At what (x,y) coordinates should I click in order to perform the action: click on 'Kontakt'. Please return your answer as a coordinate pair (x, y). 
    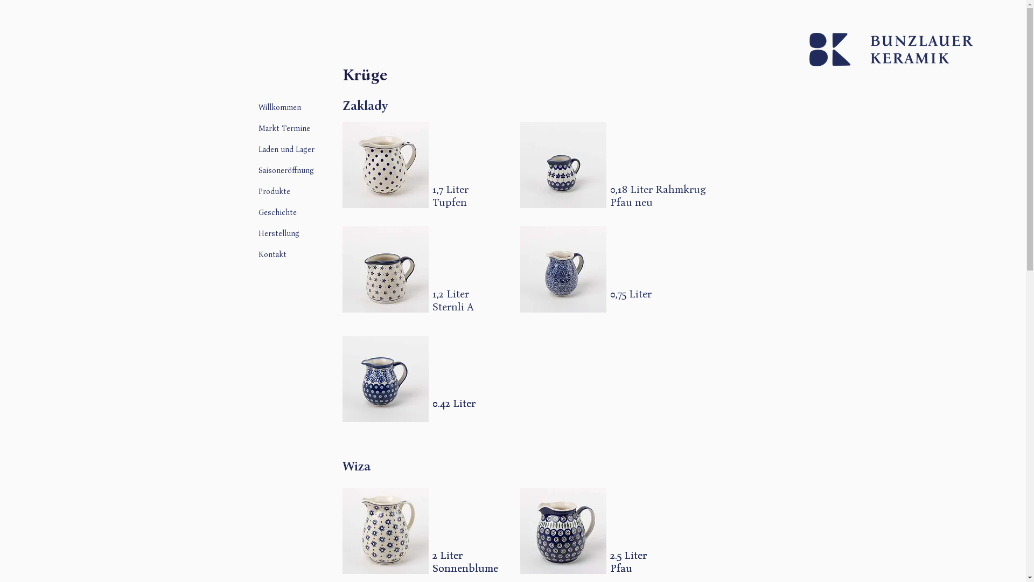
    Looking at the image, I should click on (314, 254).